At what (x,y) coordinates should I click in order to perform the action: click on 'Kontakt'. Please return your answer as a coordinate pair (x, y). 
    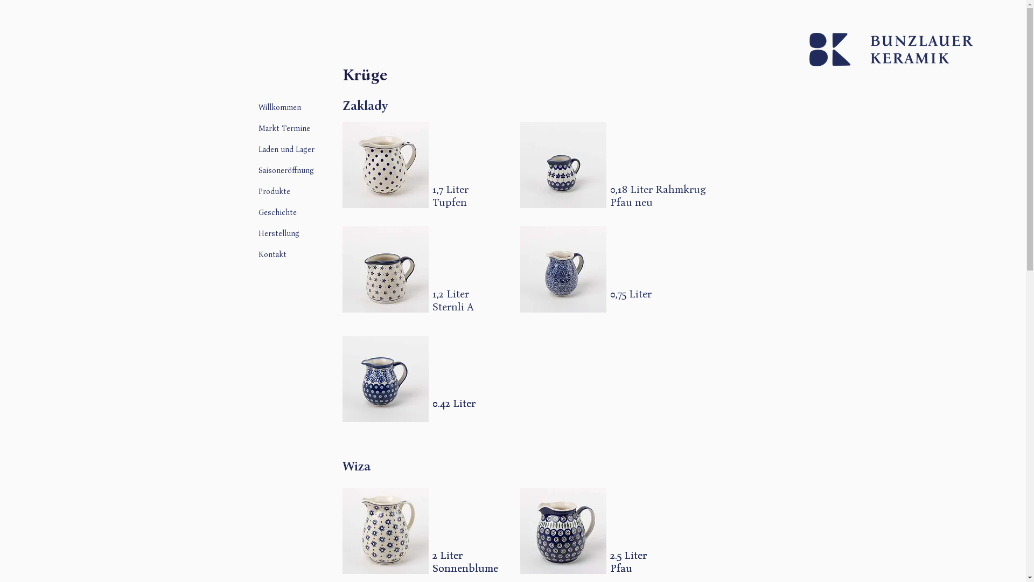
    Looking at the image, I should click on (314, 254).